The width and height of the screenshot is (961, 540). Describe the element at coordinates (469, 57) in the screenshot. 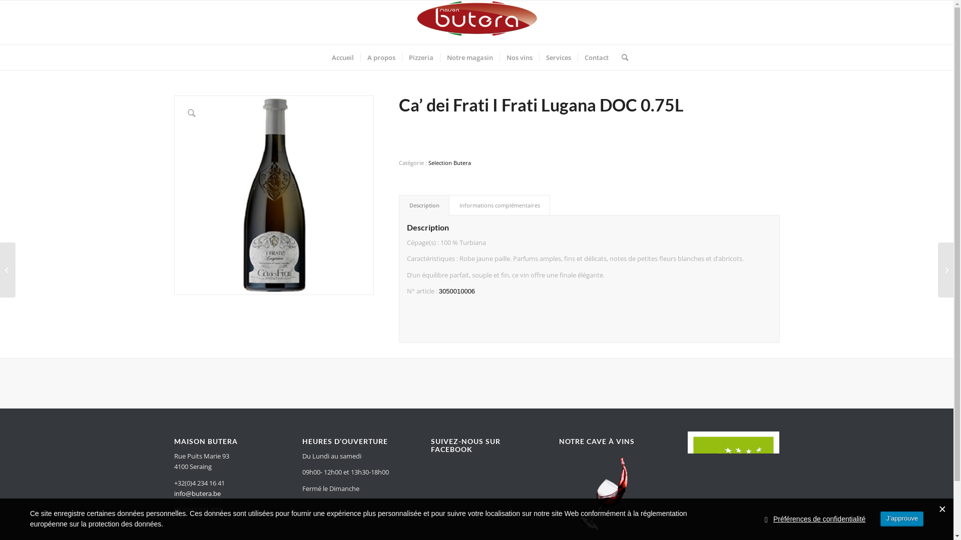

I see `'Notre magasin'` at that location.